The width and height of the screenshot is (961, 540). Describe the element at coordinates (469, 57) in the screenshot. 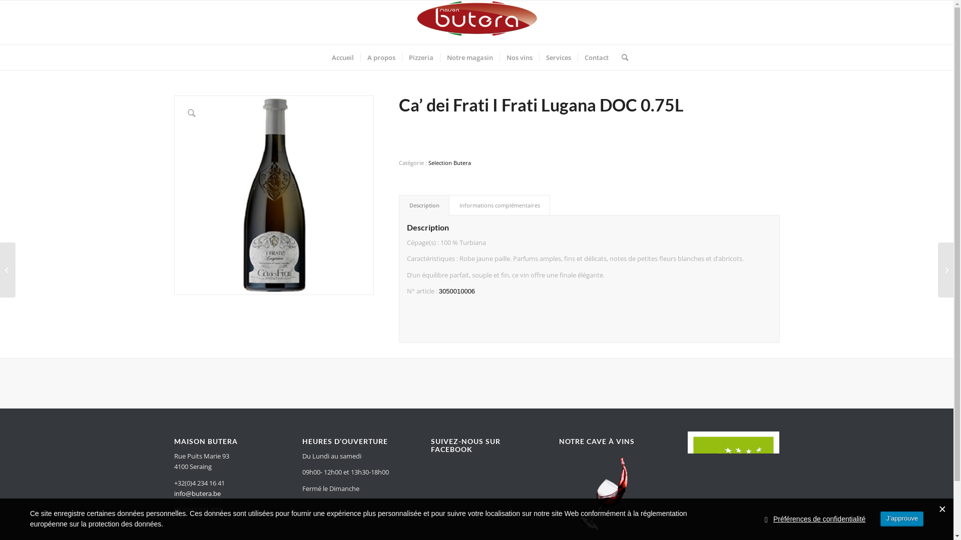

I see `'Notre magasin'` at that location.